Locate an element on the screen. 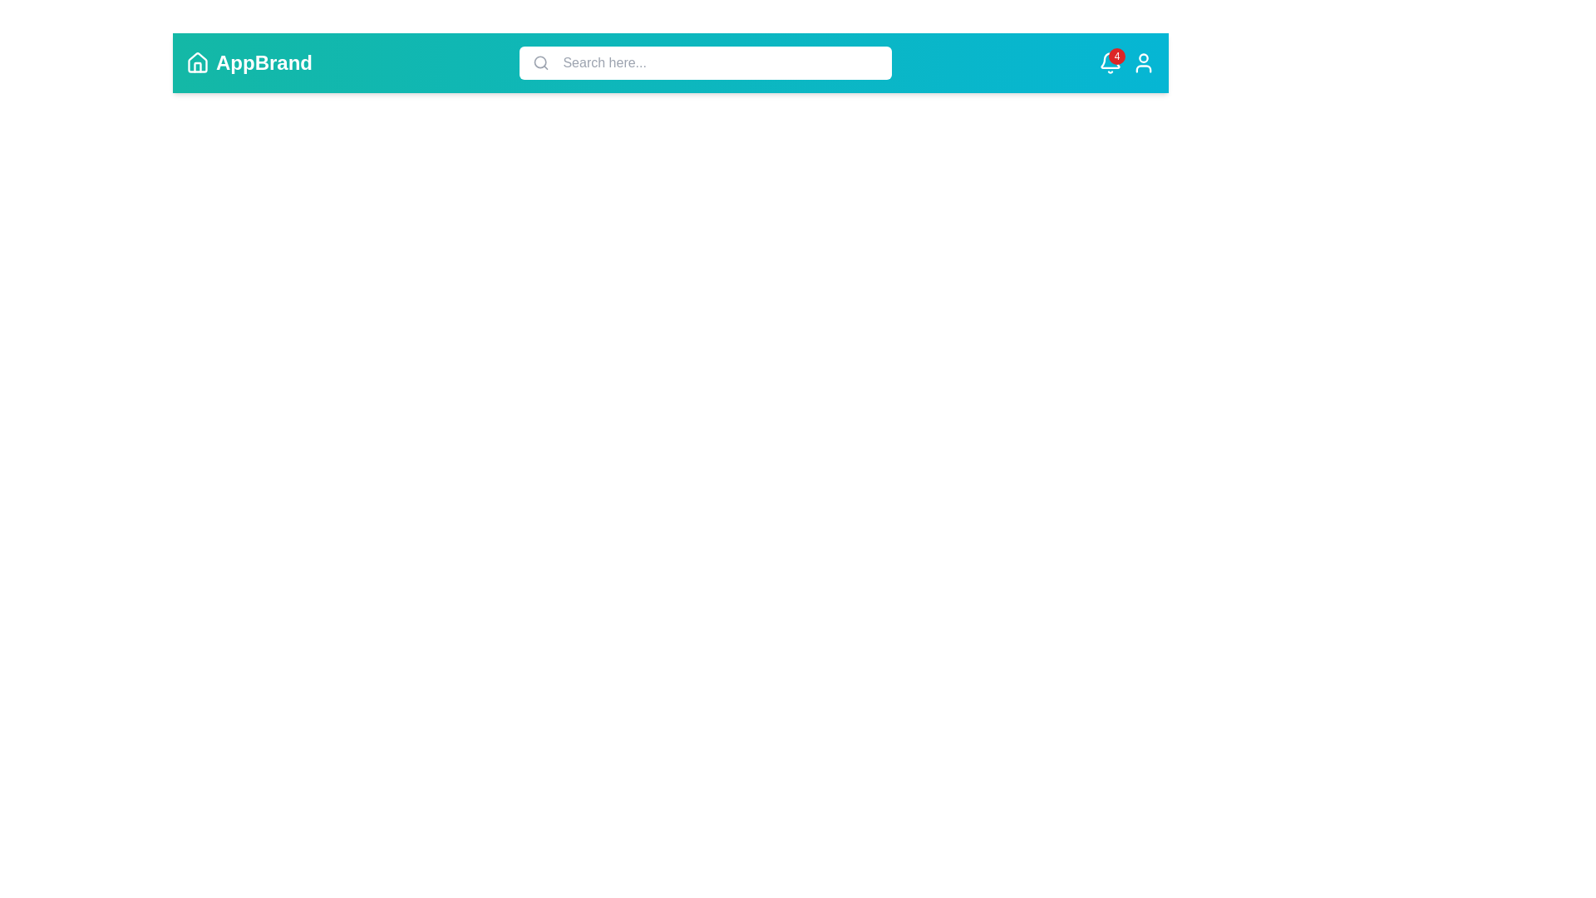 This screenshot has height=898, width=1596. the user icon to interact with it is located at coordinates (1143, 62).